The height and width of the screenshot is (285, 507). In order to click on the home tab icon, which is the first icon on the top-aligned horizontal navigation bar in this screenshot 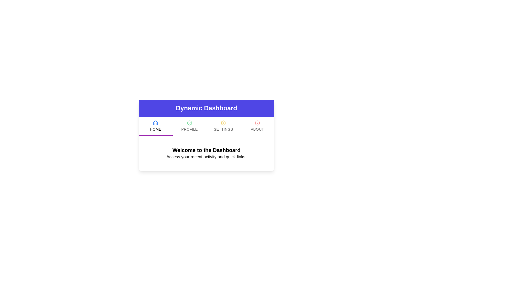, I will do `click(155, 123)`.